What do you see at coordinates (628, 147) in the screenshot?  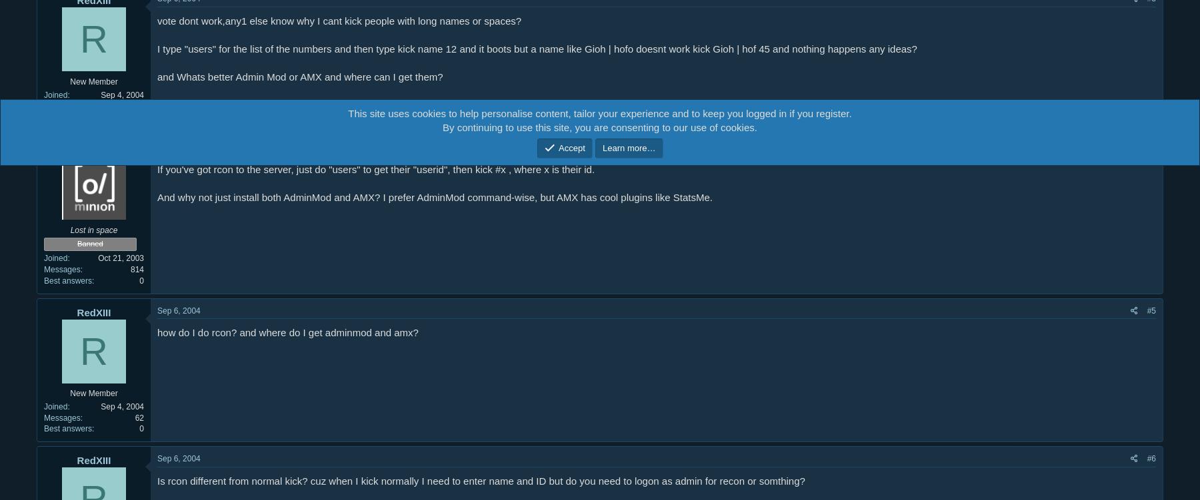 I see `'Learn more…'` at bounding box center [628, 147].